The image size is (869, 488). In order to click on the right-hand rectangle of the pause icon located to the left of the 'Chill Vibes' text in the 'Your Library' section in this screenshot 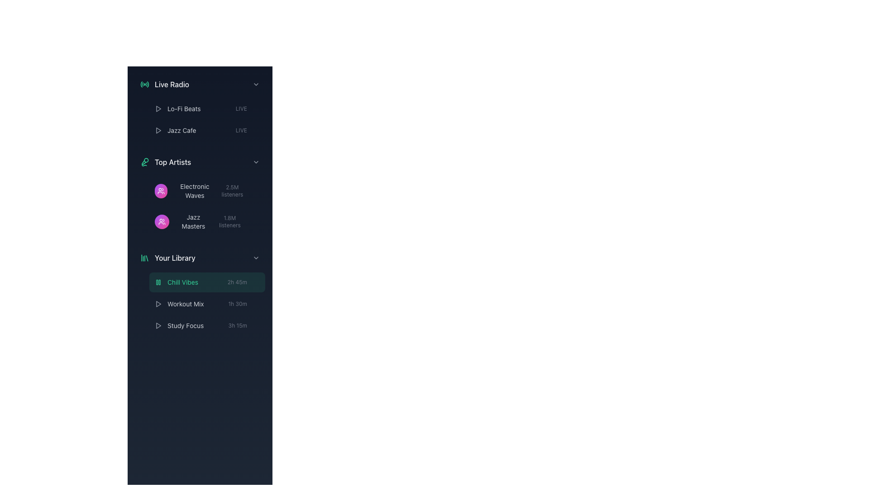, I will do `click(159, 282)`.